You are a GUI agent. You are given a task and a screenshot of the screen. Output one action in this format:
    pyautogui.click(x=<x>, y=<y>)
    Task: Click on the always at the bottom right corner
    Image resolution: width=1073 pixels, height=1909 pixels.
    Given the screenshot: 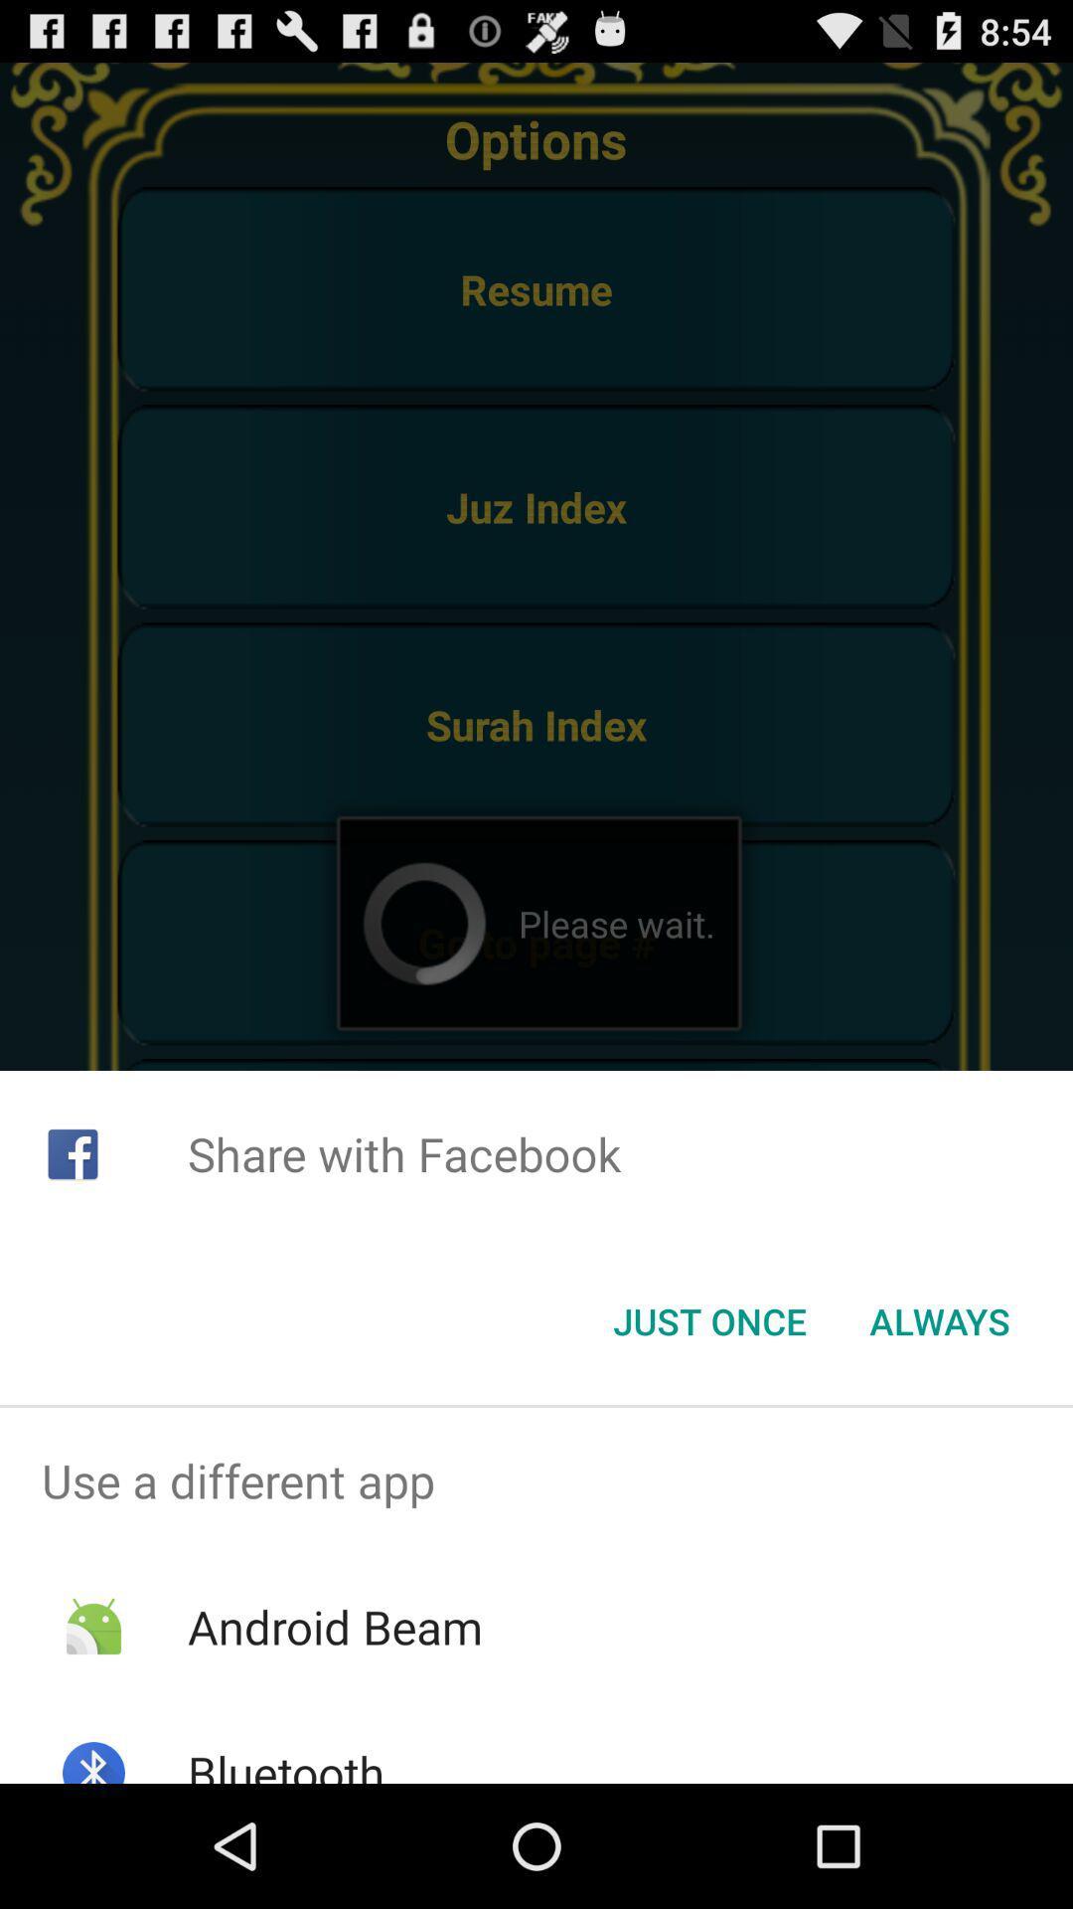 What is the action you would take?
    pyautogui.click(x=939, y=1321)
    